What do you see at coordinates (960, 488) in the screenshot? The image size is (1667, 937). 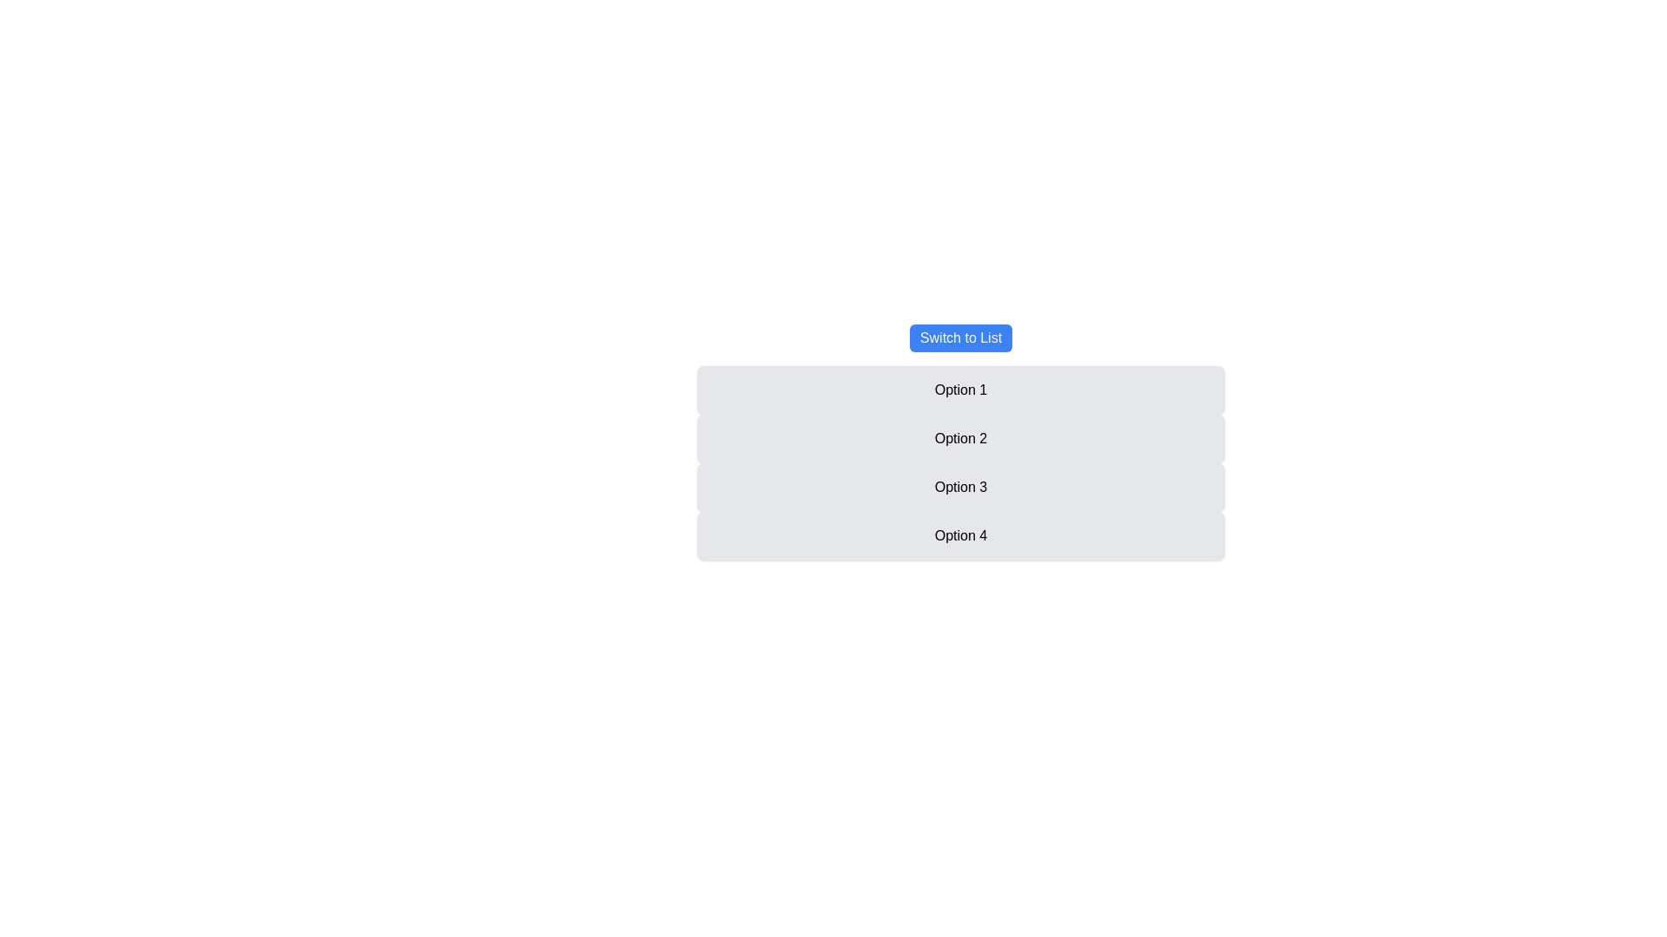 I see `the selectable card labeled 'Option 3'` at bounding box center [960, 488].